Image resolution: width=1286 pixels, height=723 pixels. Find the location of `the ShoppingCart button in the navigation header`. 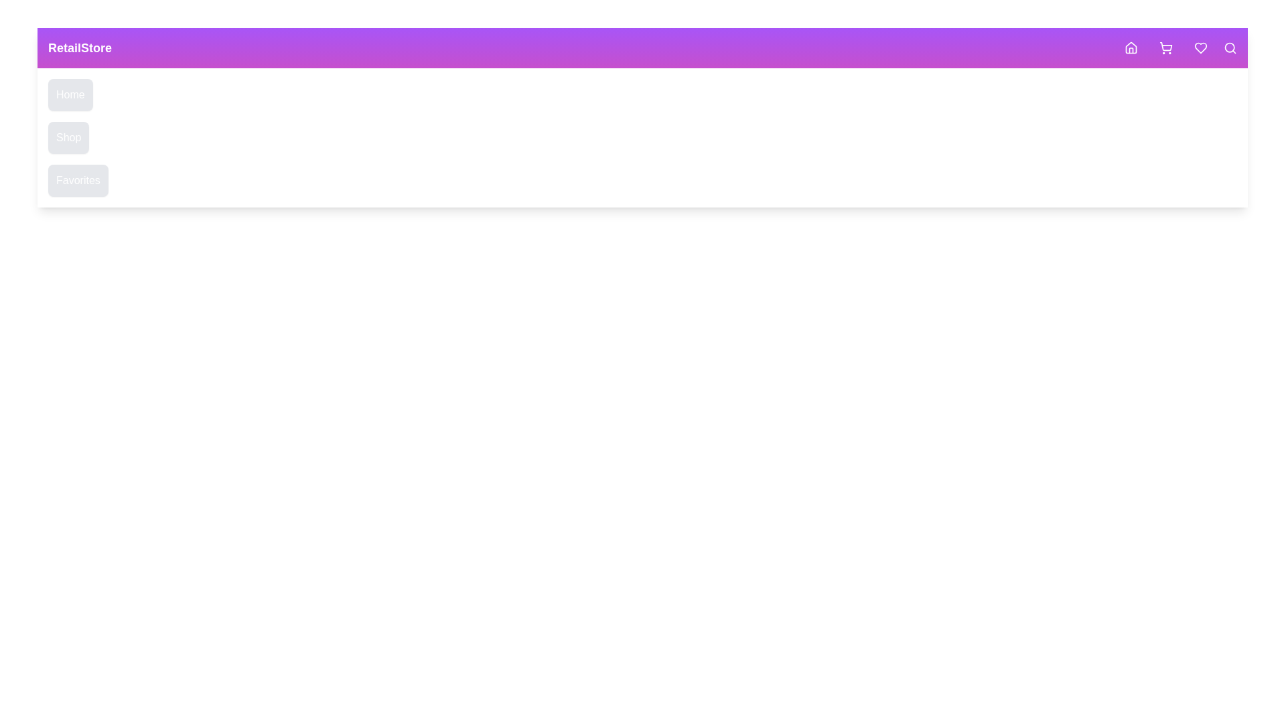

the ShoppingCart button in the navigation header is located at coordinates (1165, 48).